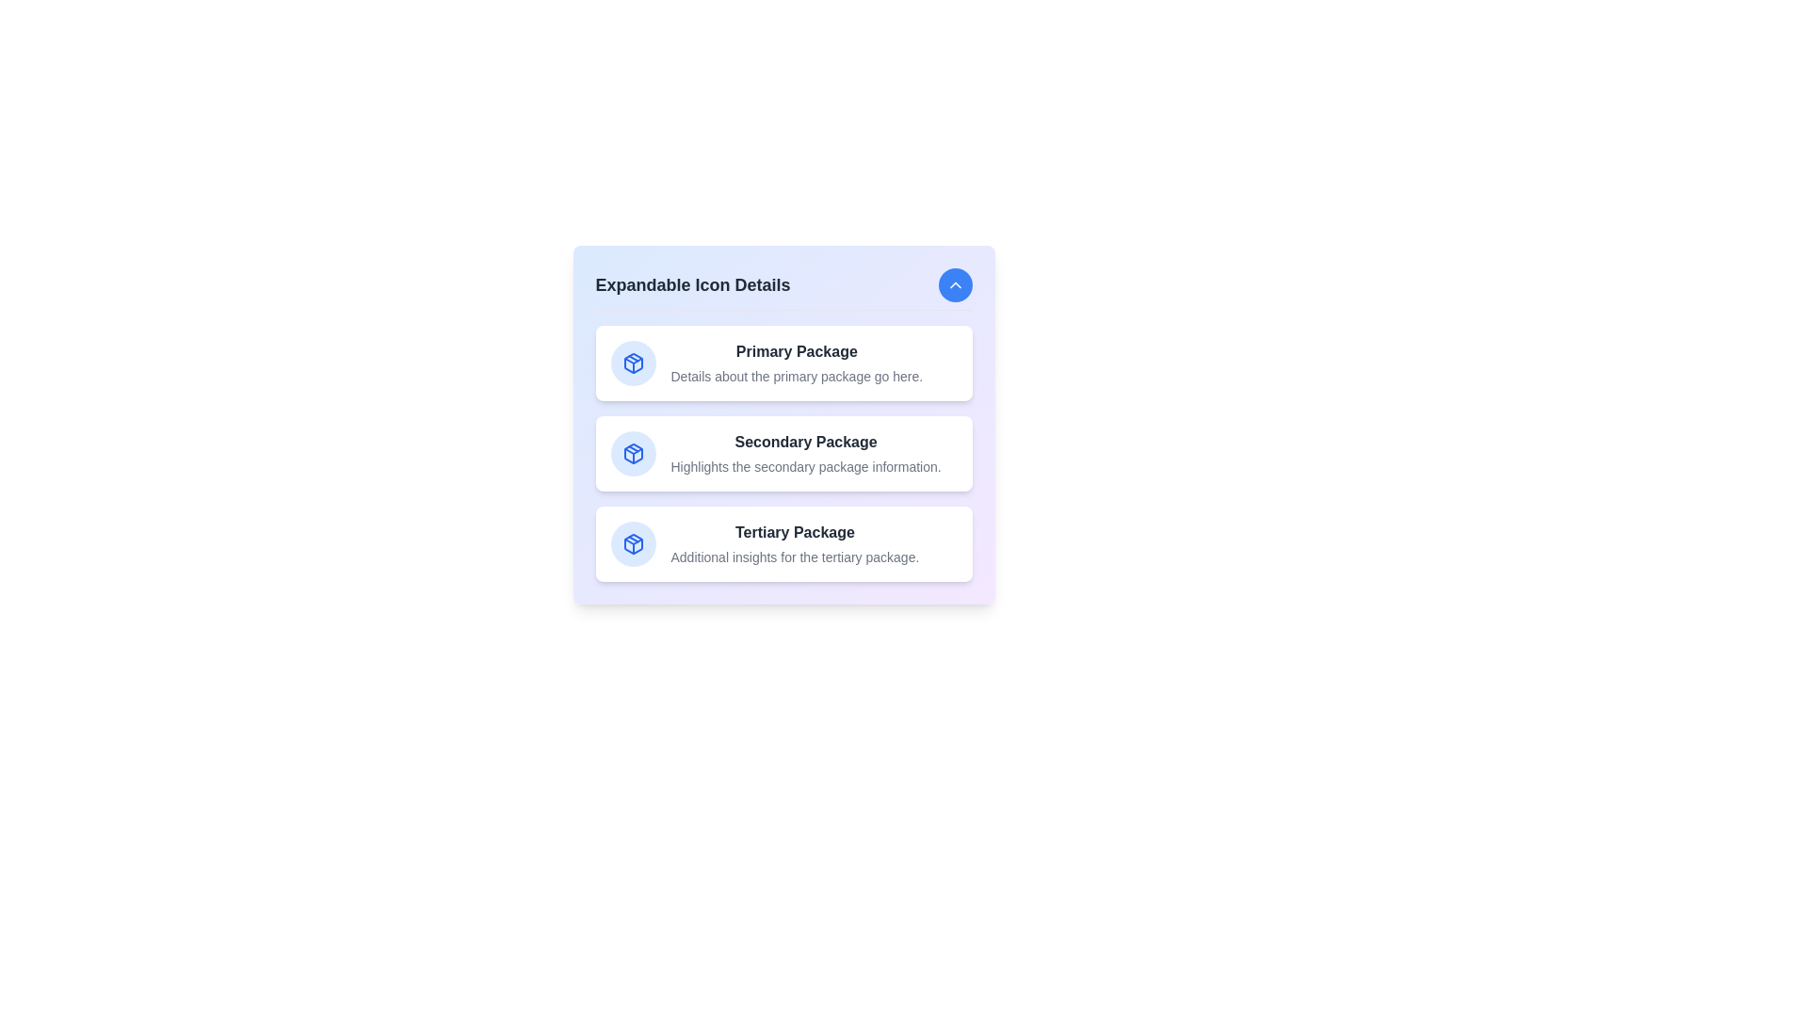 The image size is (1808, 1017). What do you see at coordinates (633, 363) in the screenshot?
I see `the blue package icon located in the 'Primary Package' section of the 'Expandable Icon Details' panel` at bounding box center [633, 363].